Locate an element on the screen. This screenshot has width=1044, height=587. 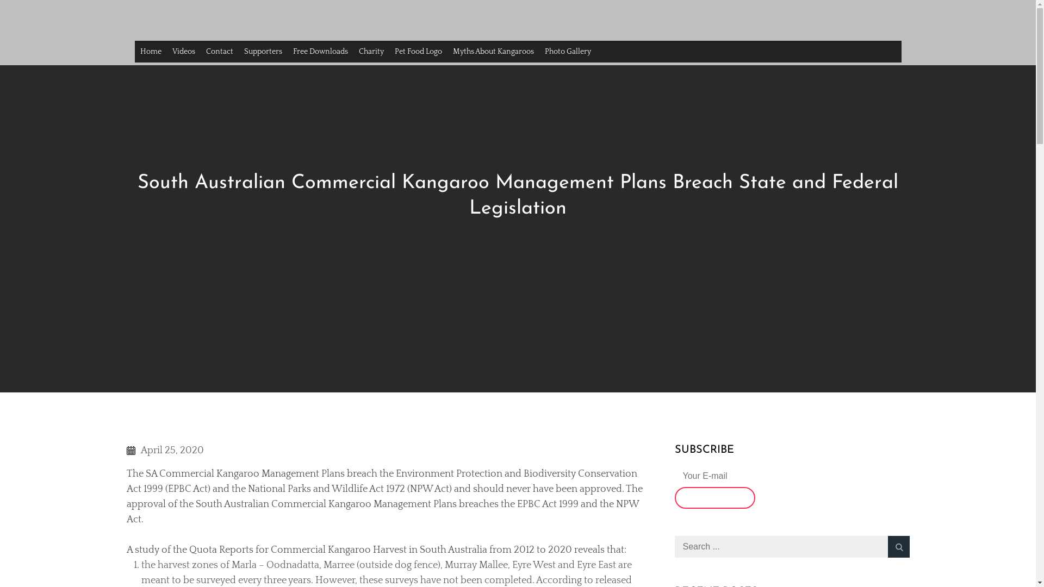
'Subscribe' is located at coordinates (673, 497).